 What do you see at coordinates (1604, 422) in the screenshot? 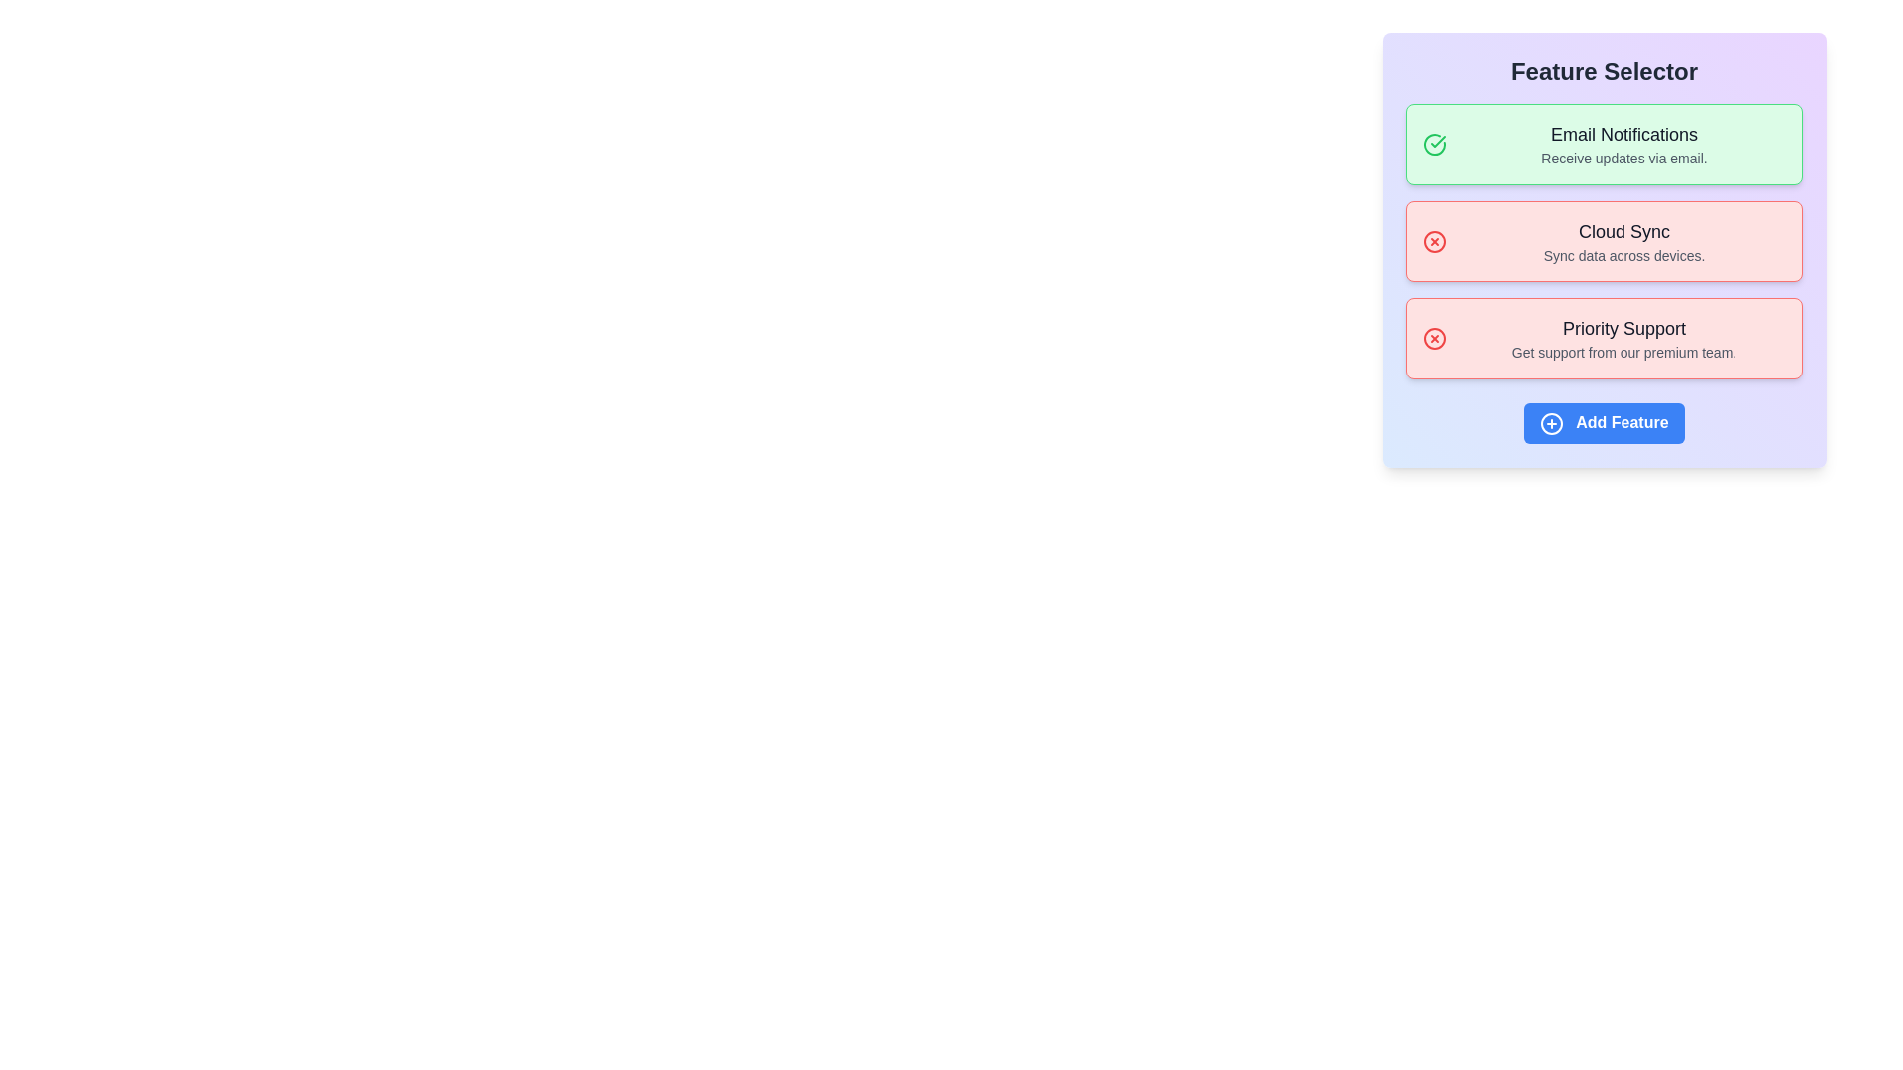
I see `the blue 'Add Feature' button with a white plus icon` at bounding box center [1604, 422].